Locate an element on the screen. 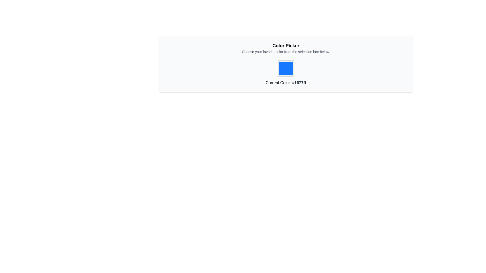 The image size is (486, 273). the static text displaying '#1677ff', which is styled in bold and grayish hue, located in the color picker interface to the right of the label 'Current Color:' is located at coordinates (299, 82).